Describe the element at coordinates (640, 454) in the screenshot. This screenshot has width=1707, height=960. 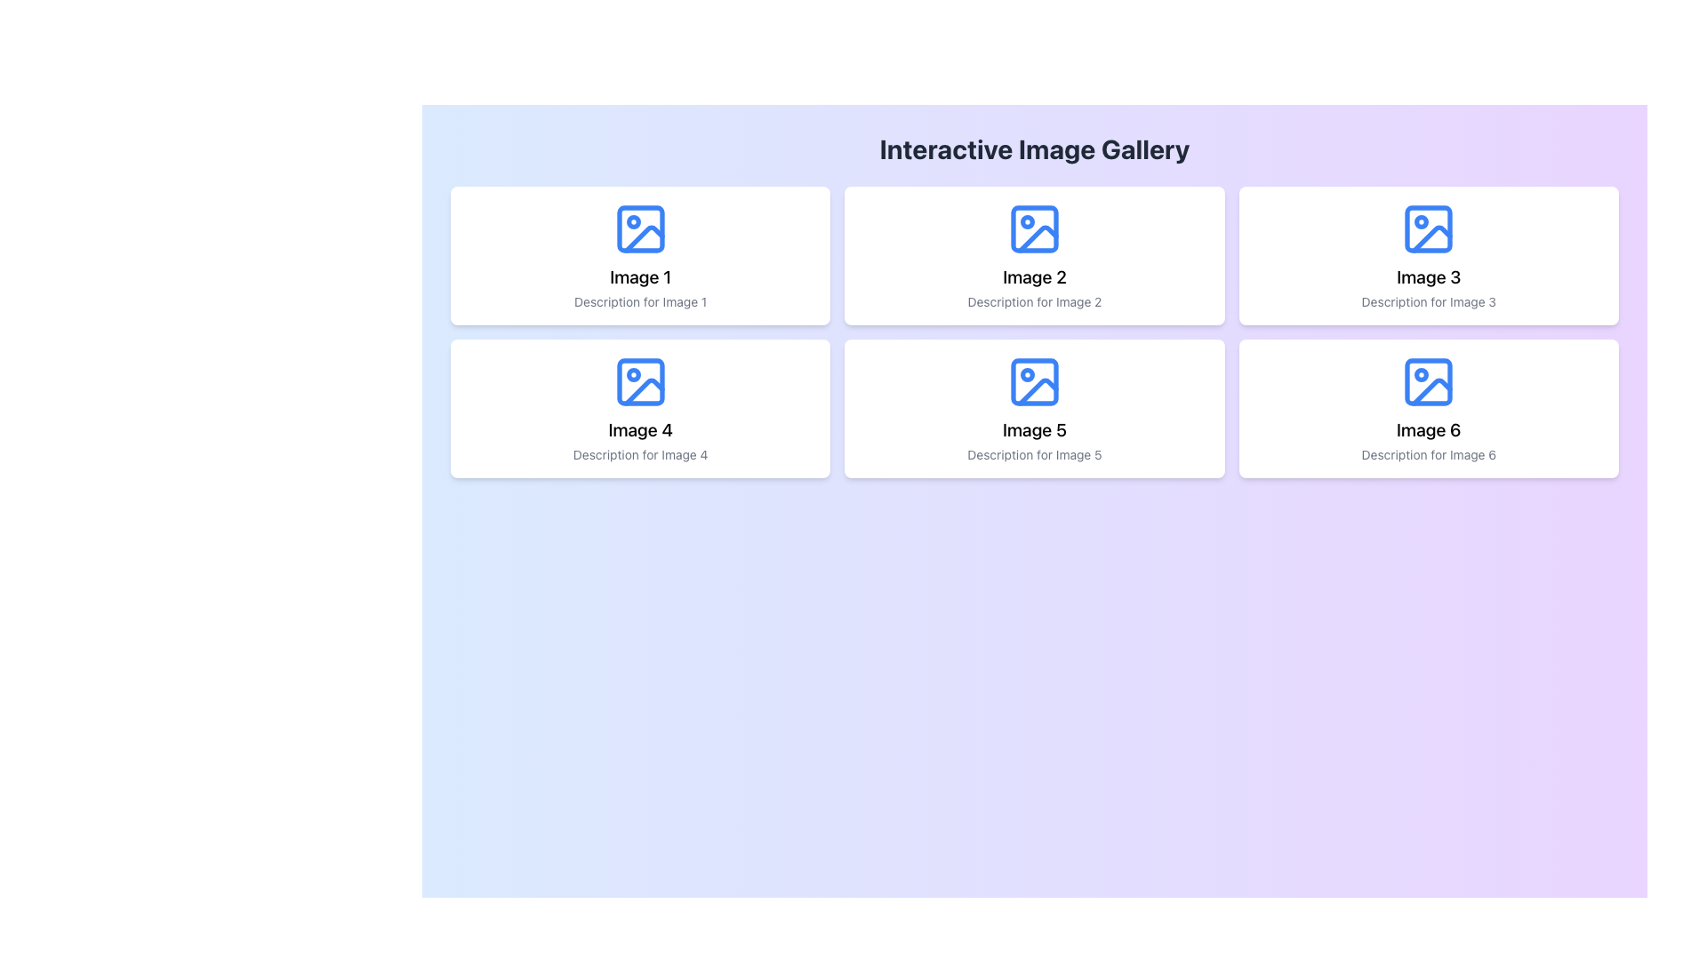
I see `the textual element displaying 'Description for Image 4', which is styled in a small, light gray font and positioned below the title 'Image 4' in the second card of the second row` at that location.